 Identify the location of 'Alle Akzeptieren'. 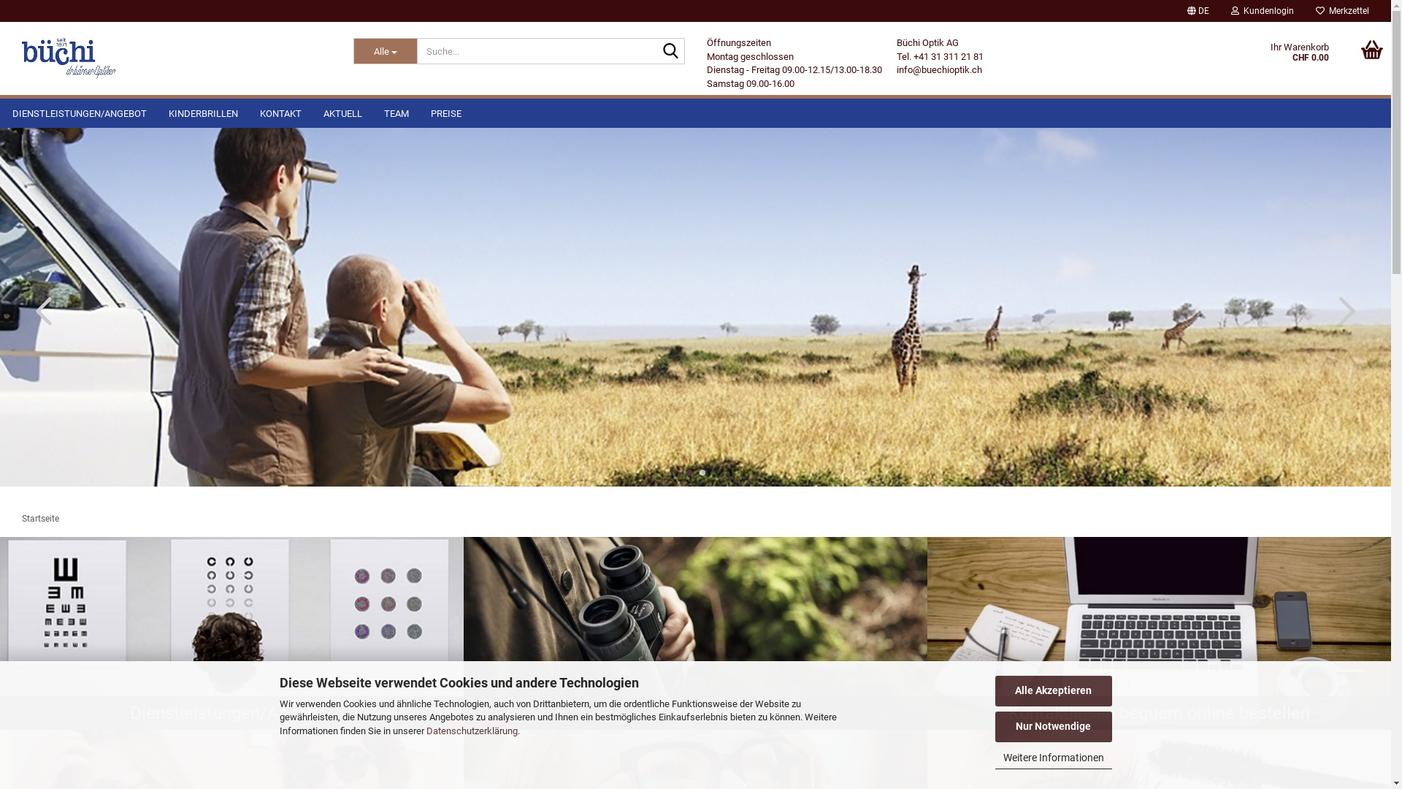
(1052, 690).